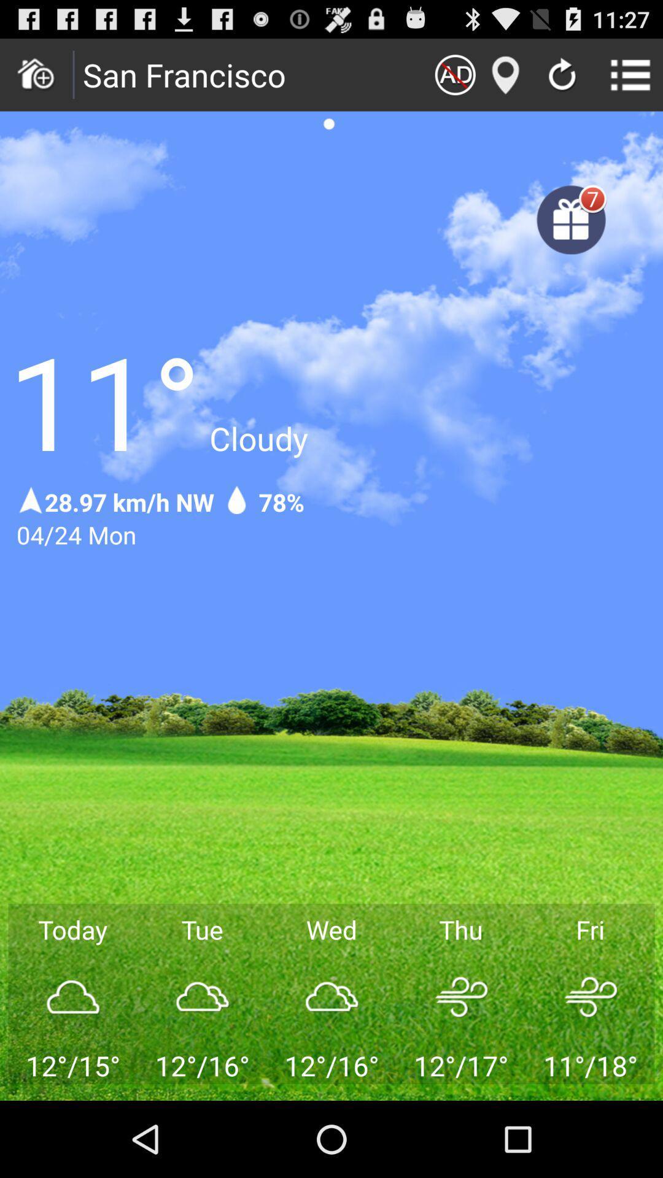 The width and height of the screenshot is (663, 1178). What do you see at coordinates (630, 79) in the screenshot?
I see `the list icon` at bounding box center [630, 79].